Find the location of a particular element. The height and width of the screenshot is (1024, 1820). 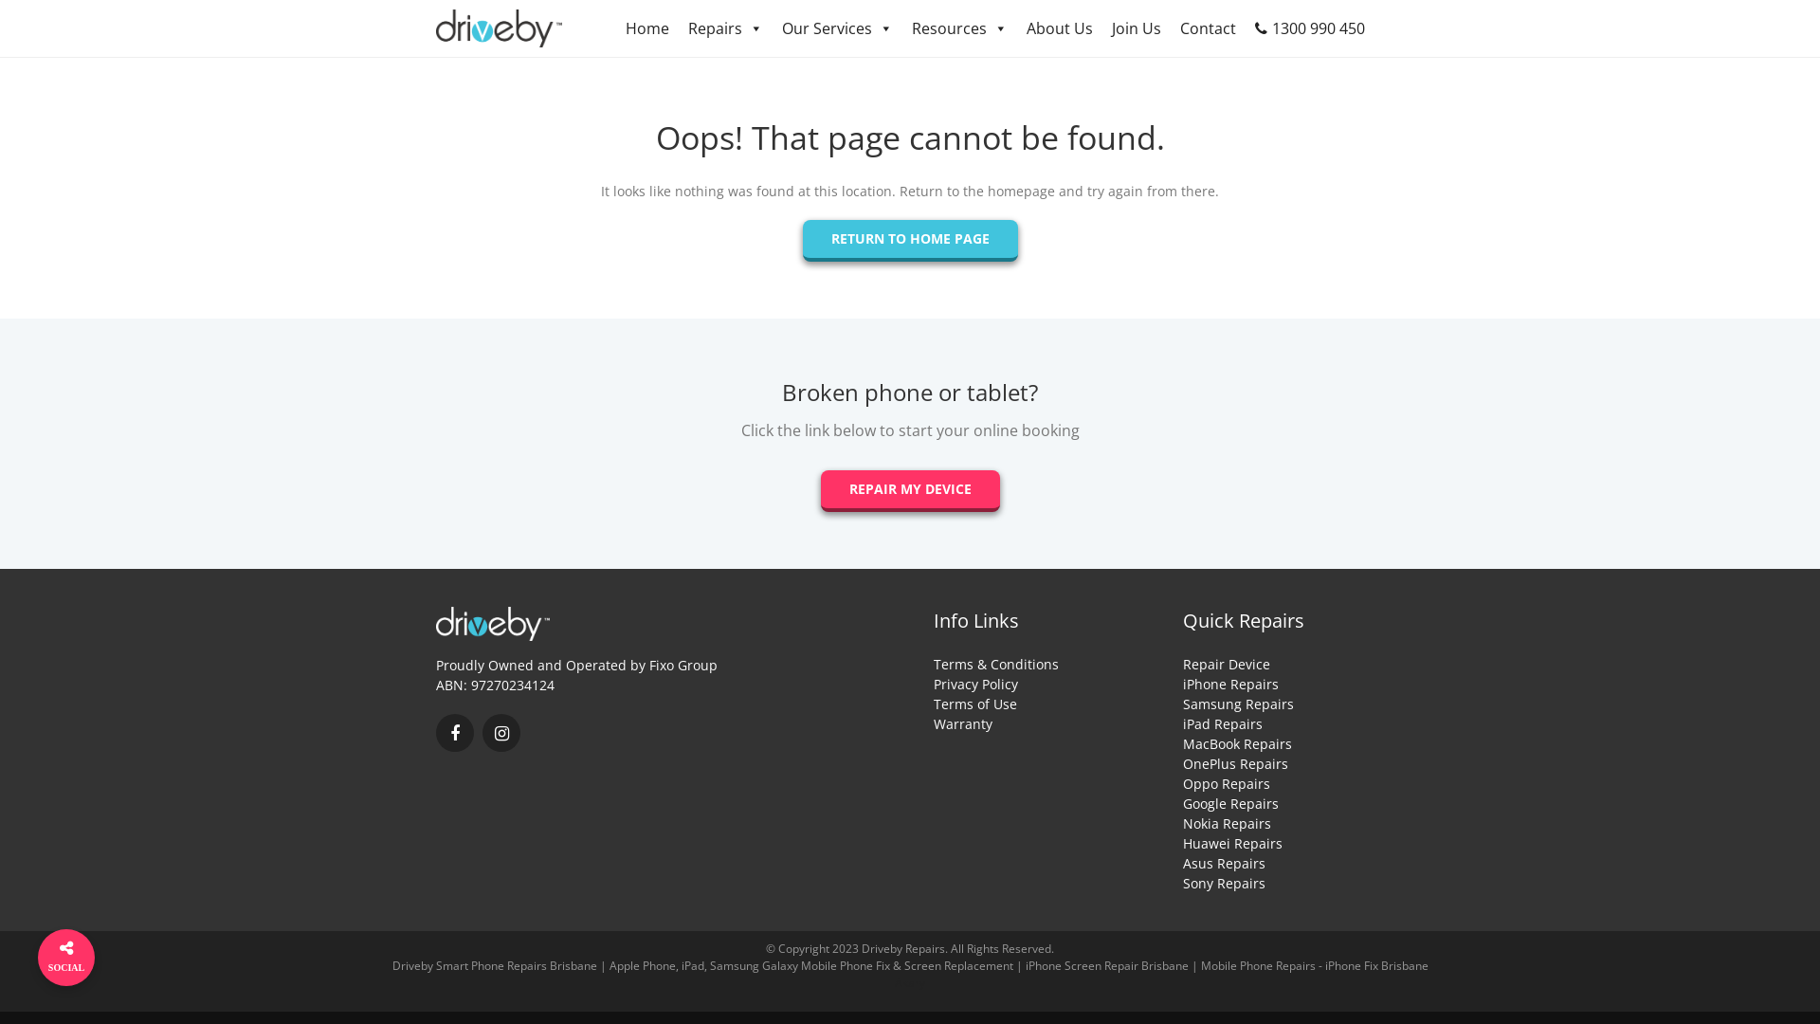

'Driveby - Smart Phone Repairs' is located at coordinates (492, 624).